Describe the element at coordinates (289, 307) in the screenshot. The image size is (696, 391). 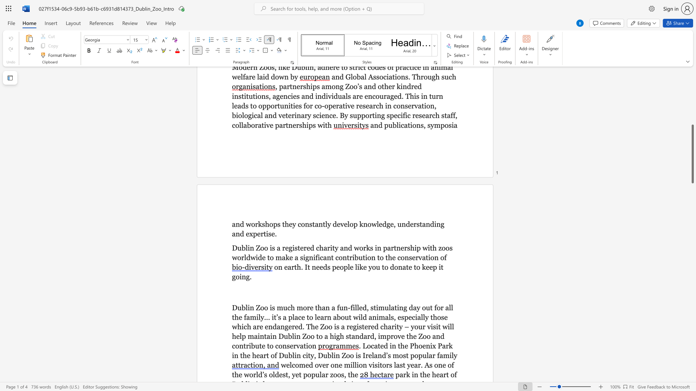
I see `the 1th character "c" in the text` at that location.